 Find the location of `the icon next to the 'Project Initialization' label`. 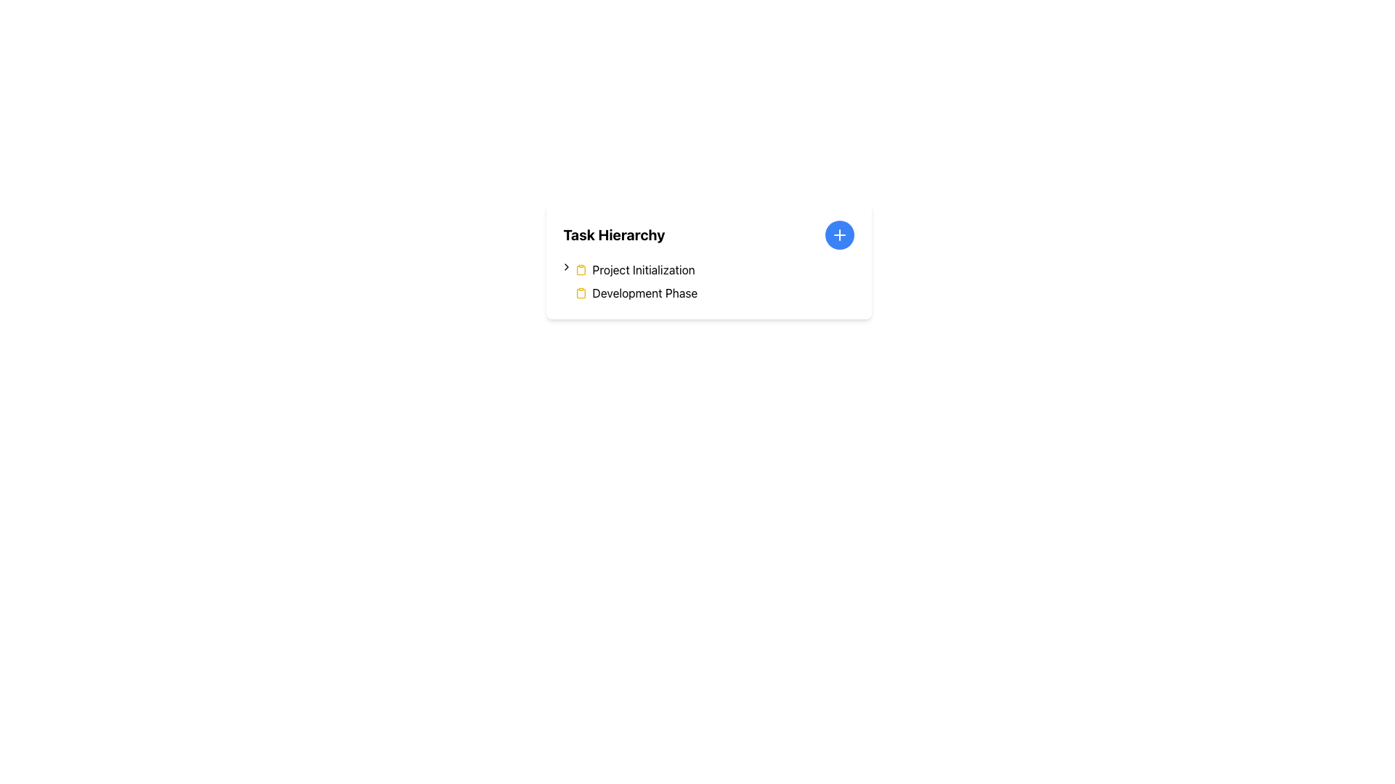

the icon next to the 'Project Initialization' label is located at coordinates (565, 266).